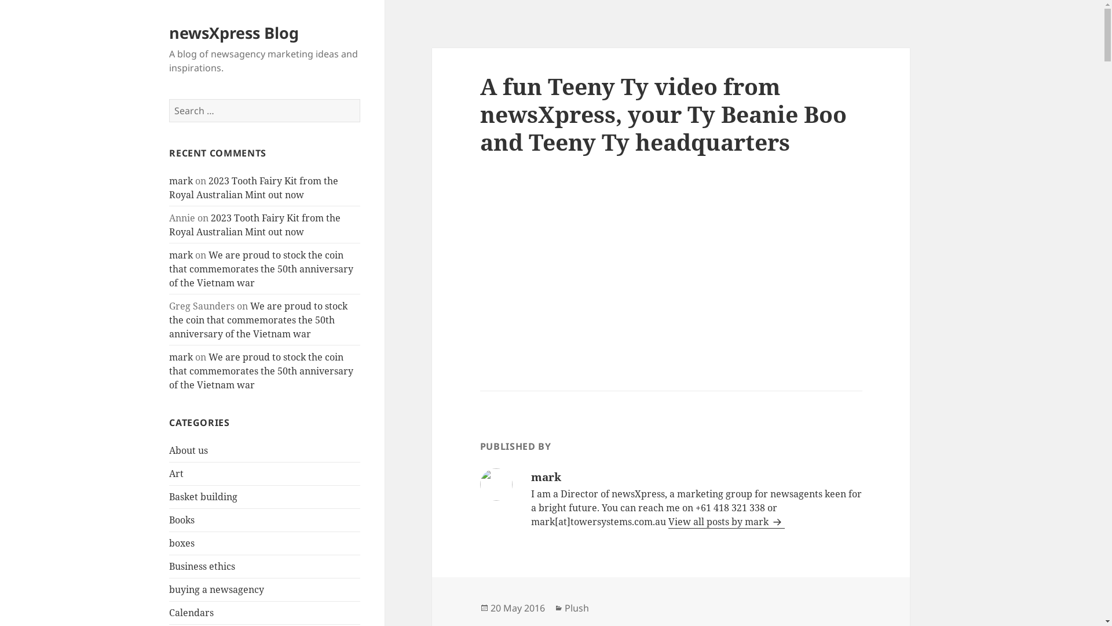  I want to click on 'Plush', so click(577, 607).